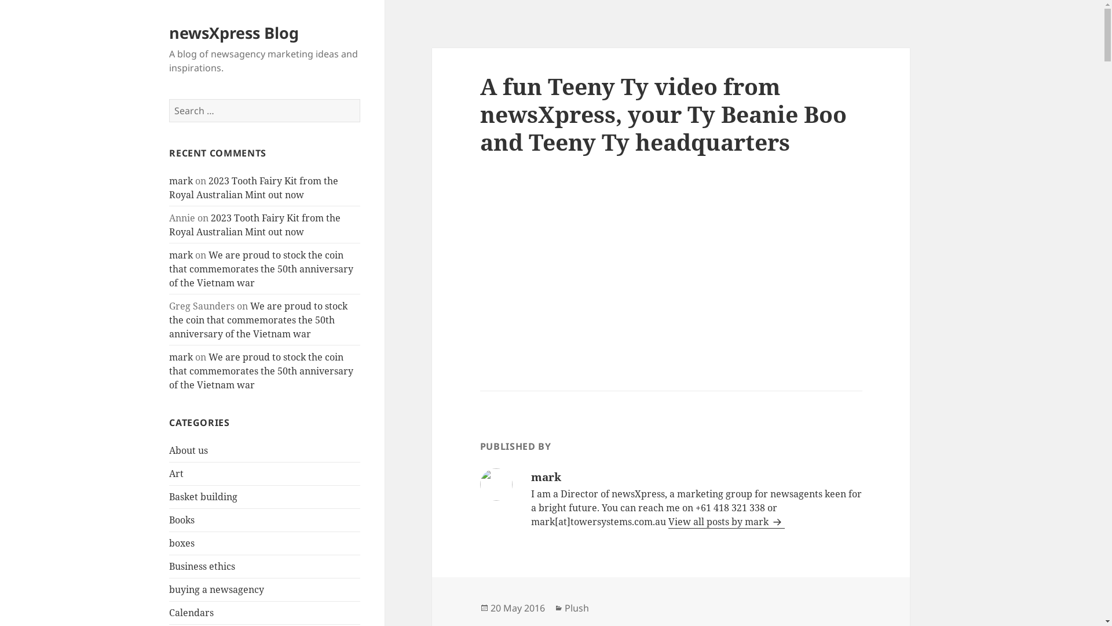  I want to click on 'Plush', so click(577, 607).